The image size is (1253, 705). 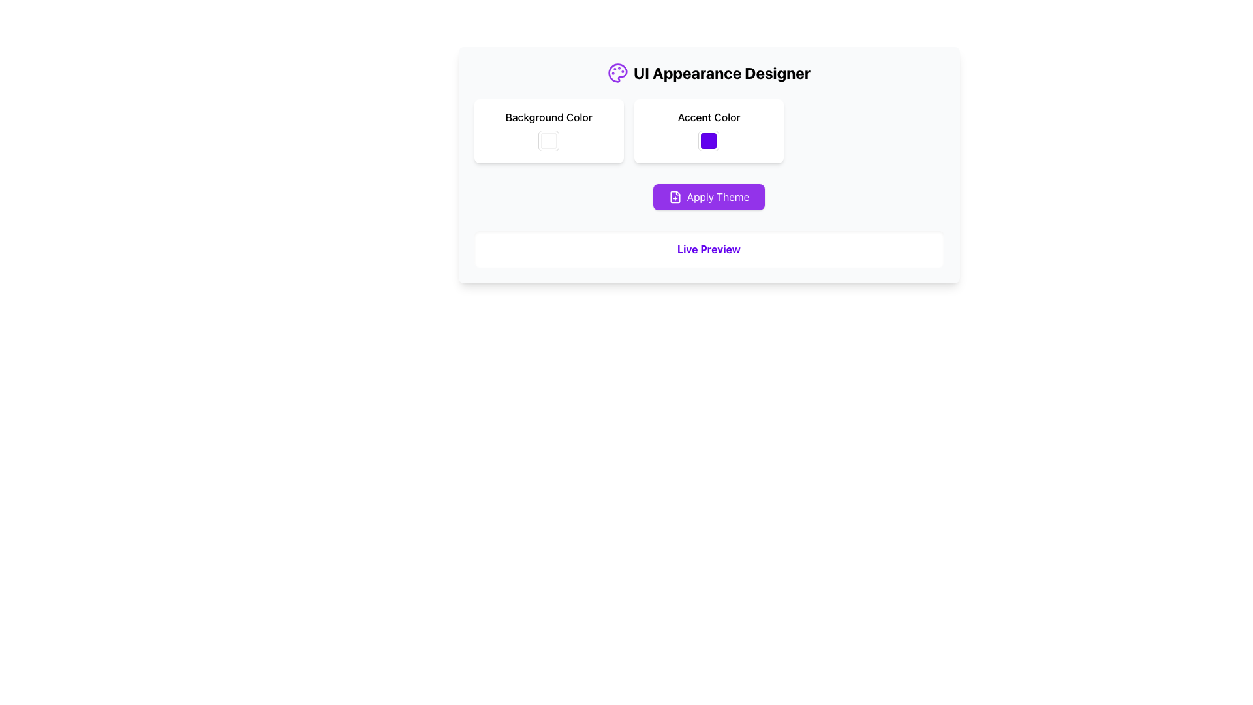 I want to click on the icon resembling a document with a plus symbol located to the left of the 'Apply Theme' button text, so click(x=675, y=196).